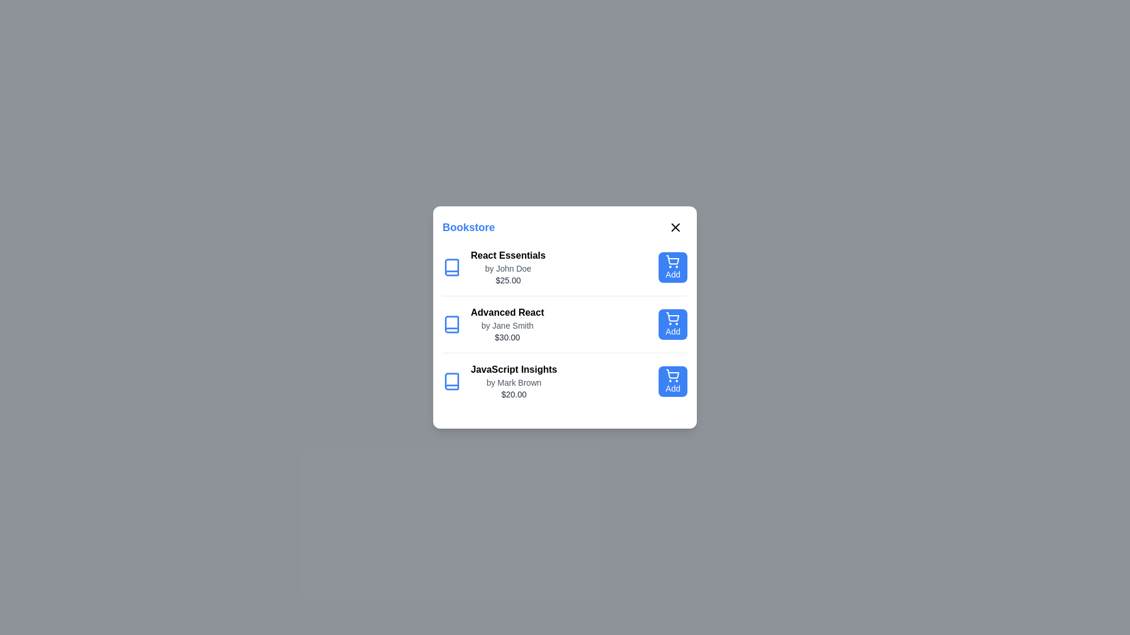 Image resolution: width=1130 pixels, height=635 pixels. What do you see at coordinates (506, 324) in the screenshot?
I see `the details of the book titled Advanced React` at bounding box center [506, 324].